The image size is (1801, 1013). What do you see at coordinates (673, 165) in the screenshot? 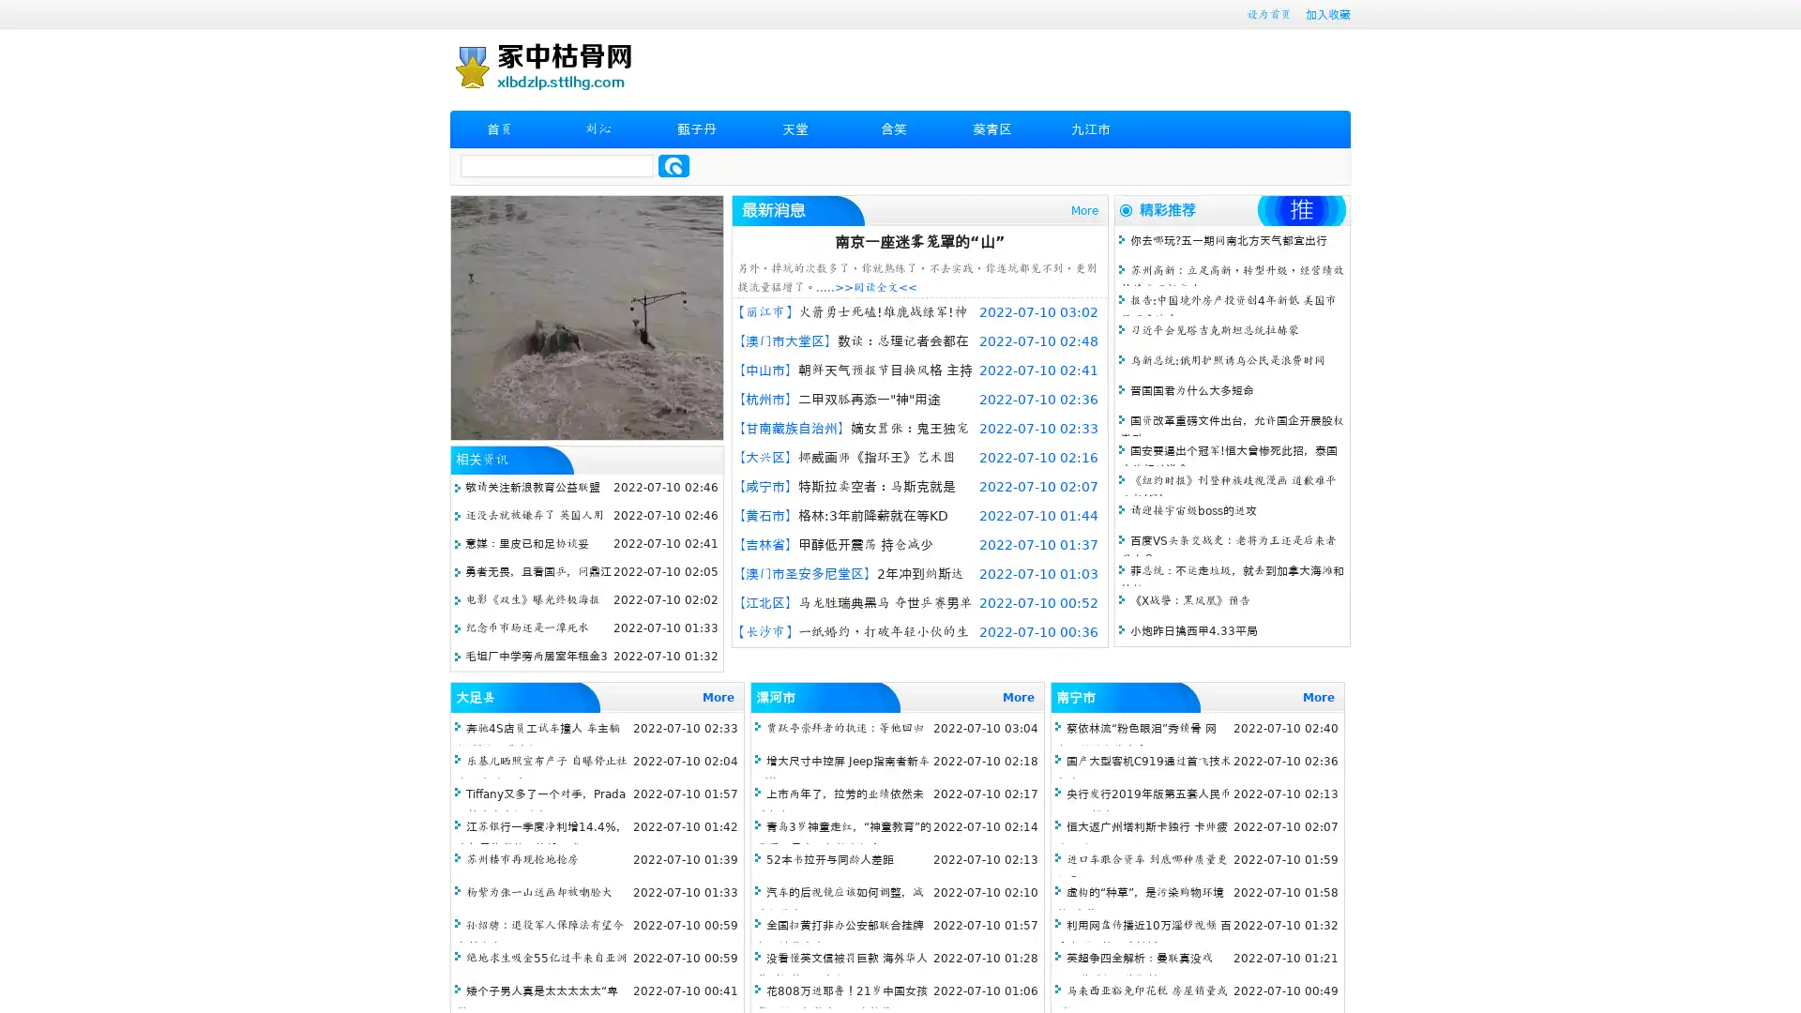
I see `Search` at bounding box center [673, 165].